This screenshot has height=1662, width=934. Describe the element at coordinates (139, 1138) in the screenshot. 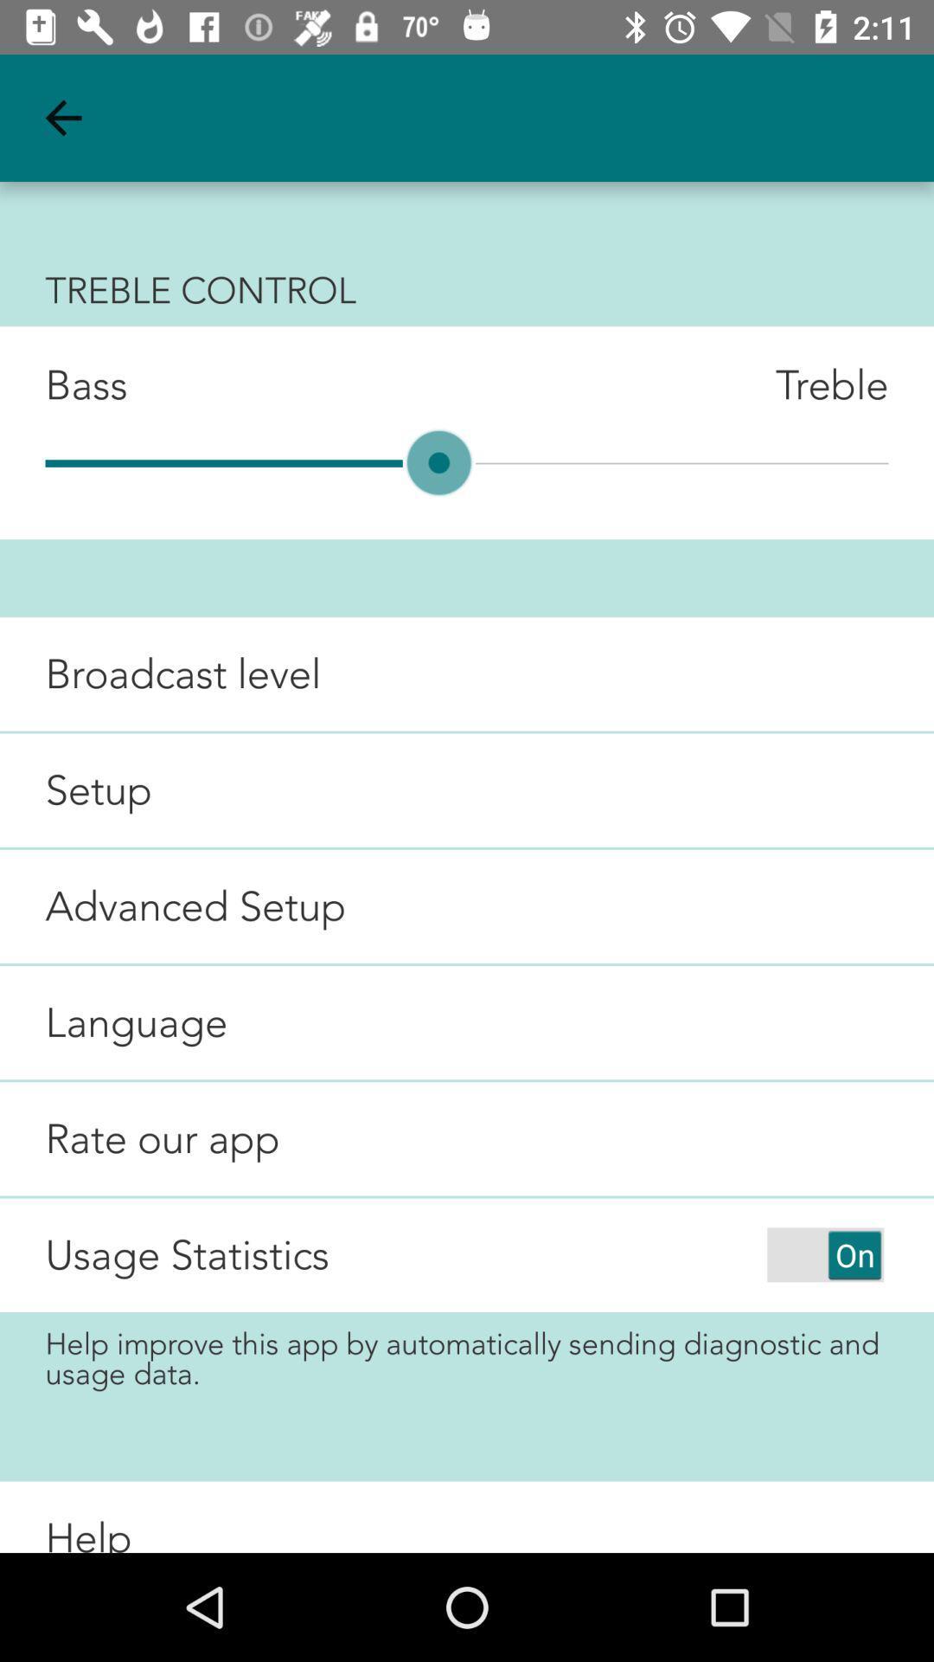

I see `item above usage statistics` at that location.